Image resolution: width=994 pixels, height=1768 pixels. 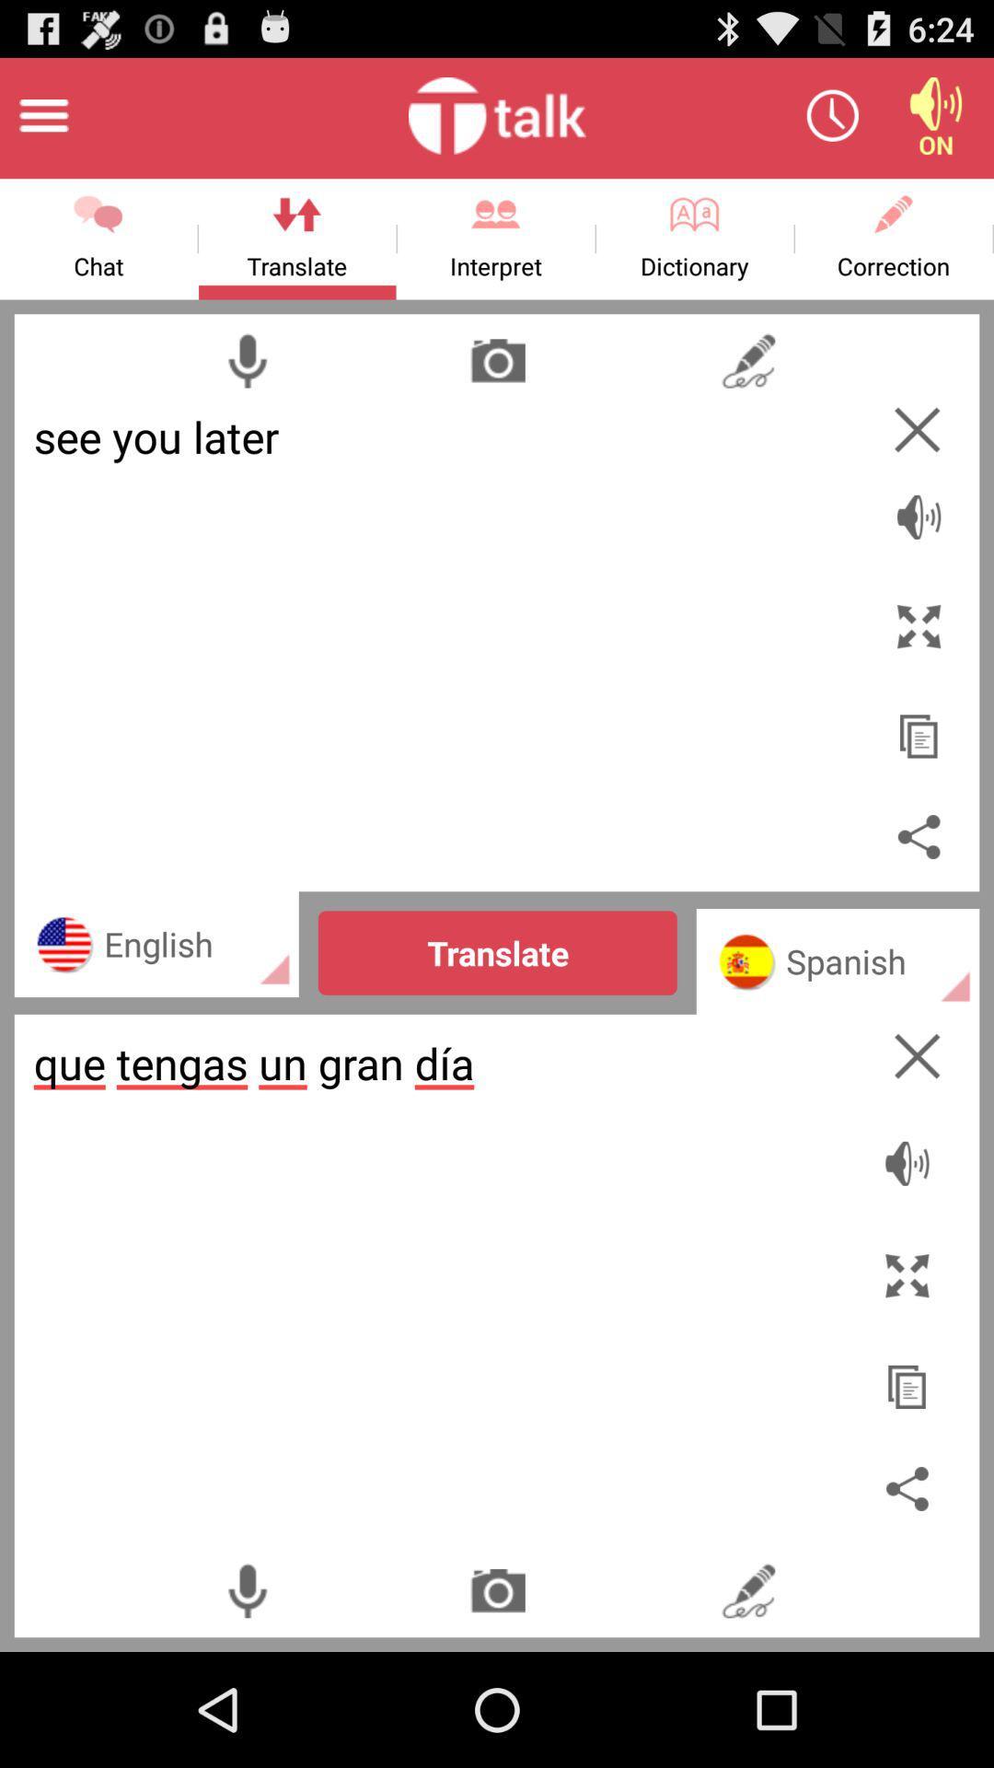 I want to click on the menu icon, so click(x=42, y=122).